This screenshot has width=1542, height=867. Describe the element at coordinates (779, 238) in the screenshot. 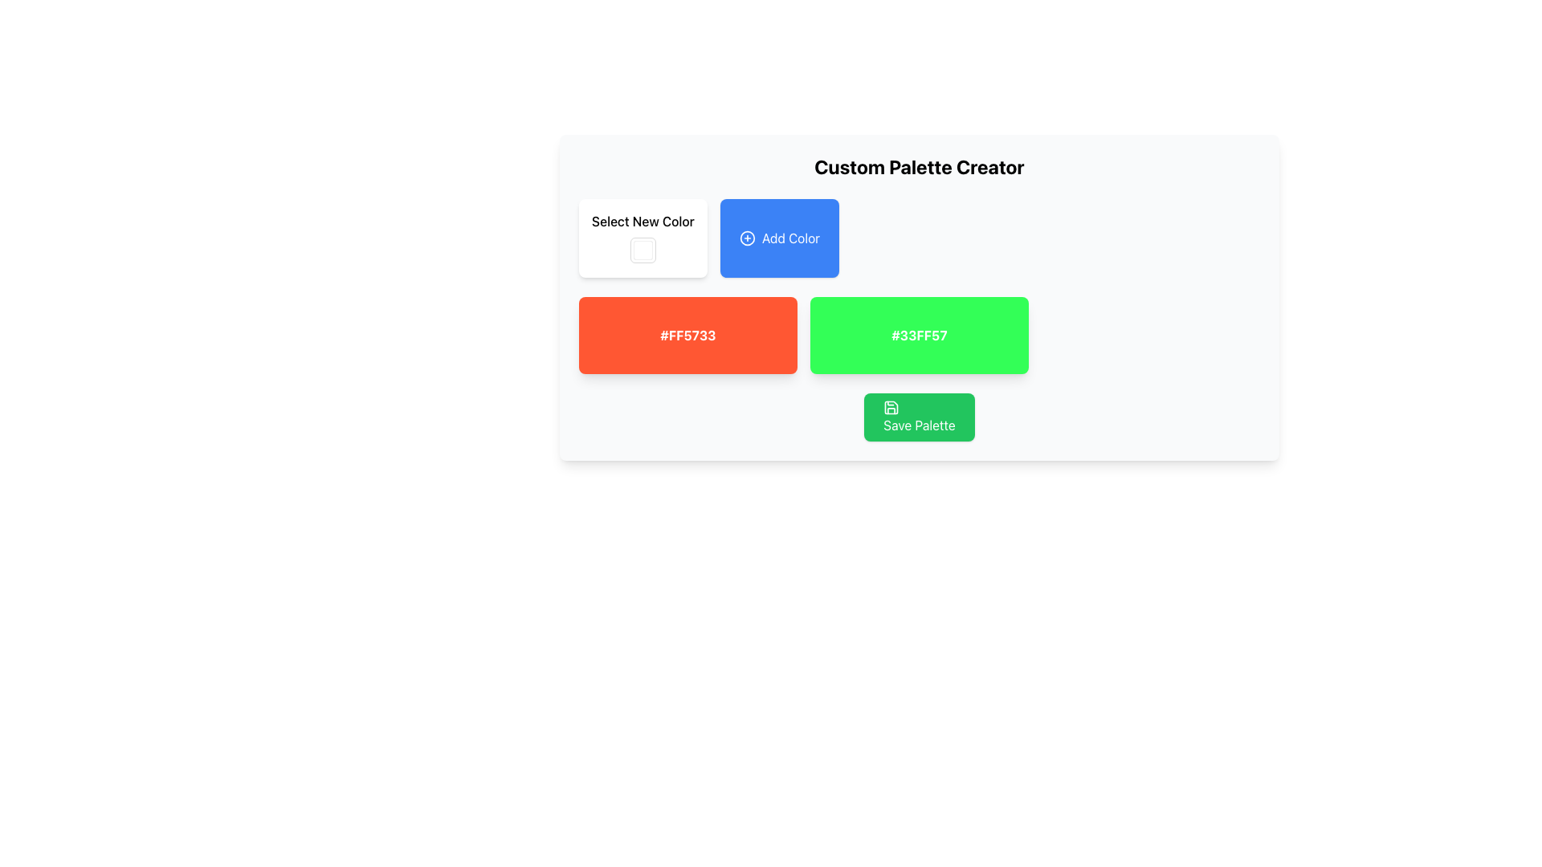

I see `the rectangular blue button labeled 'Add Color' with a plus icon to observe the style change` at that location.